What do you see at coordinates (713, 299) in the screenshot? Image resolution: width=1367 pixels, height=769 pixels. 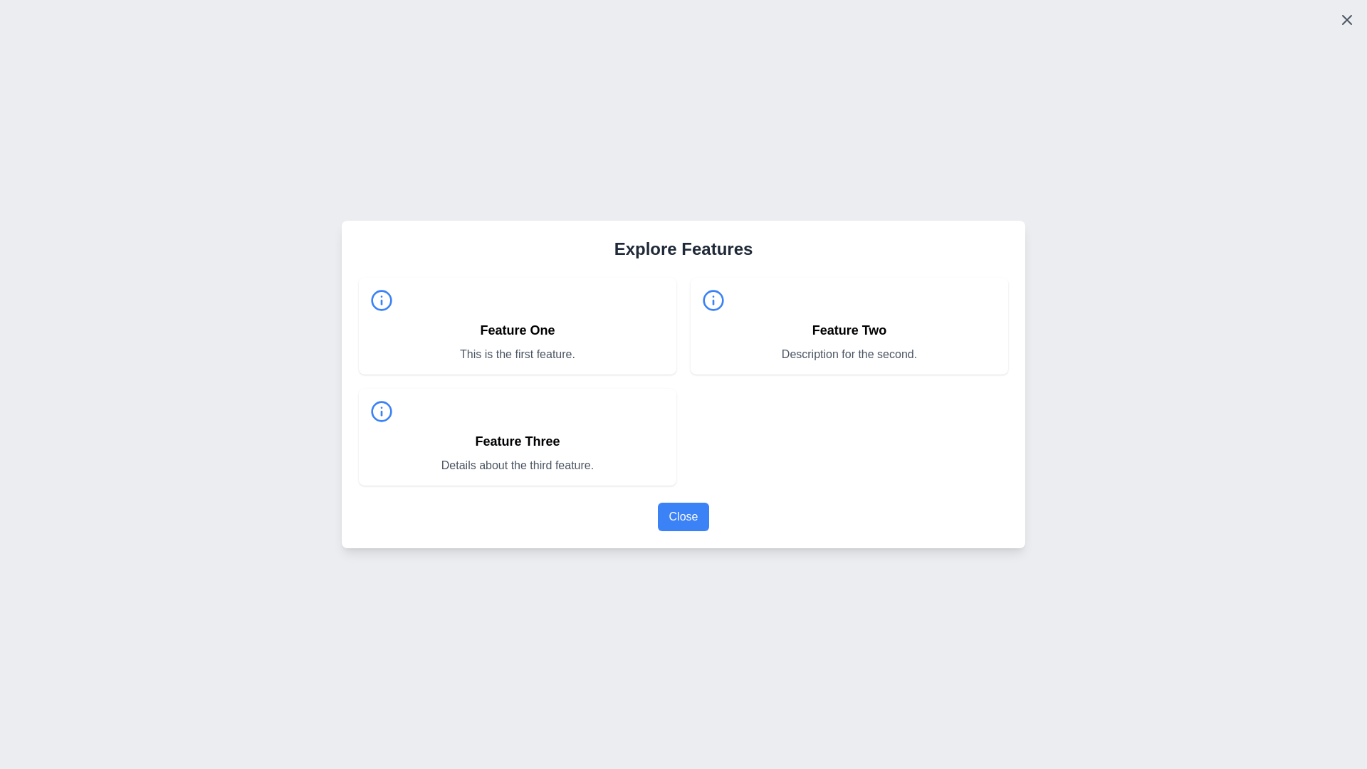 I see `the blue circular SVG shape that is part of the info-type icon located in the 'Feature Two' panel near the top-right of the interface` at bounding box center [713, 299].